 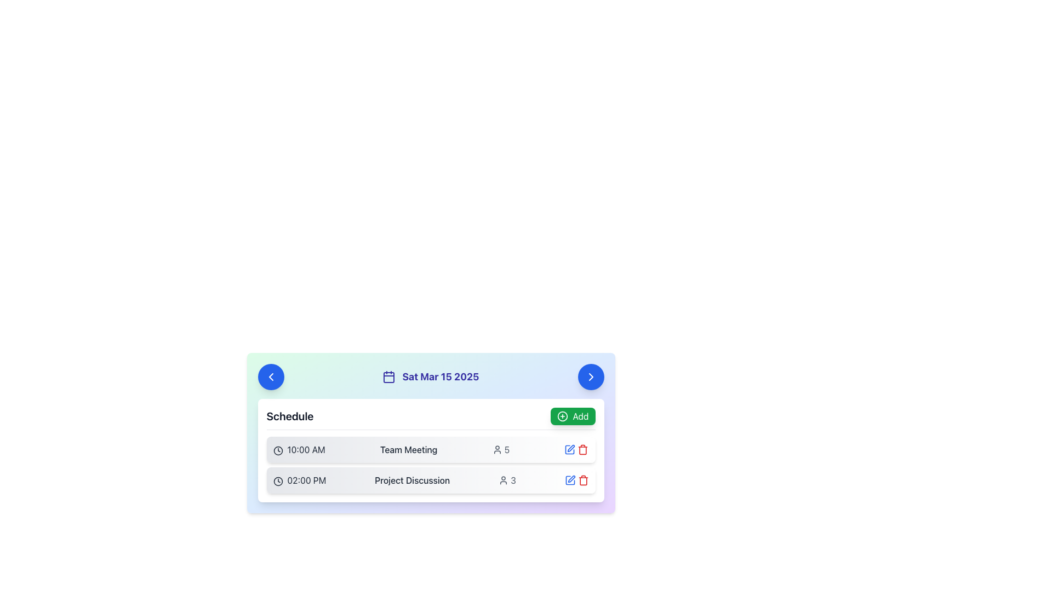 I want to click on participant count indicator located in the right section of the row labeled '10:00 AM Team Meeting', positioned after the text 'Team Meeting' and adjacent to action icons, so click(x=500, y=449).